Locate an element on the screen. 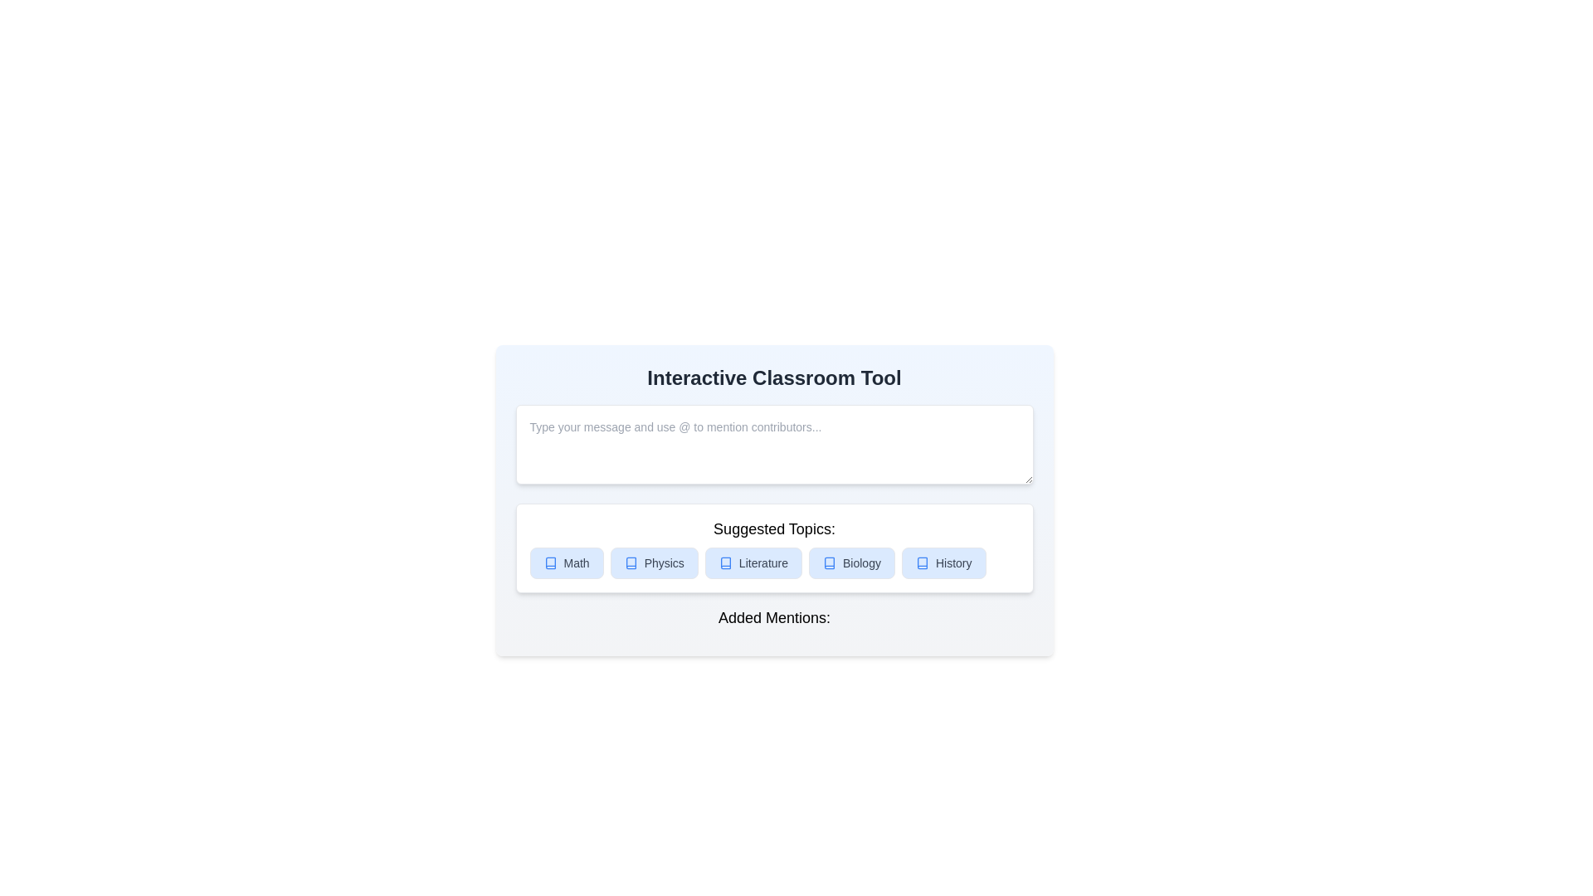 The height and width of the screenshot is (896, 1593). the 'Math' button in the 'Suggested Topics' section is located at coordinates (567, 562).